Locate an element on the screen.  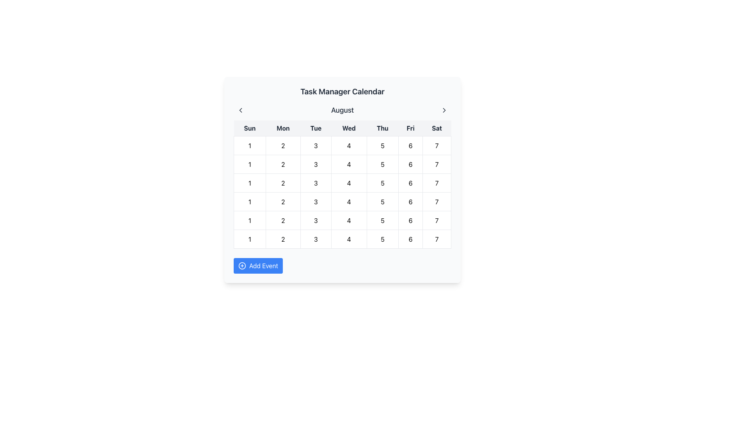
the label representing the day '3' in the second row, third column of the calendar grid is located at coordinates (316, 164).